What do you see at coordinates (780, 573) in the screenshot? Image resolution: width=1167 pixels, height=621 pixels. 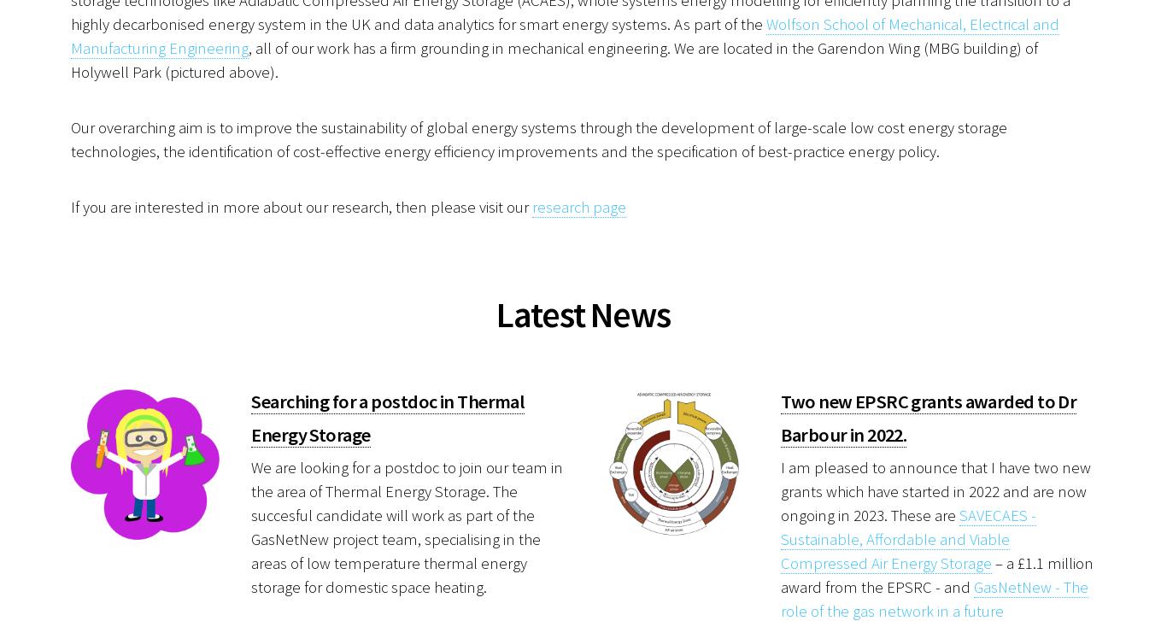 I see `'– a £1.1 million award from the EPSRC - and'` at bounding box center [780, 573].